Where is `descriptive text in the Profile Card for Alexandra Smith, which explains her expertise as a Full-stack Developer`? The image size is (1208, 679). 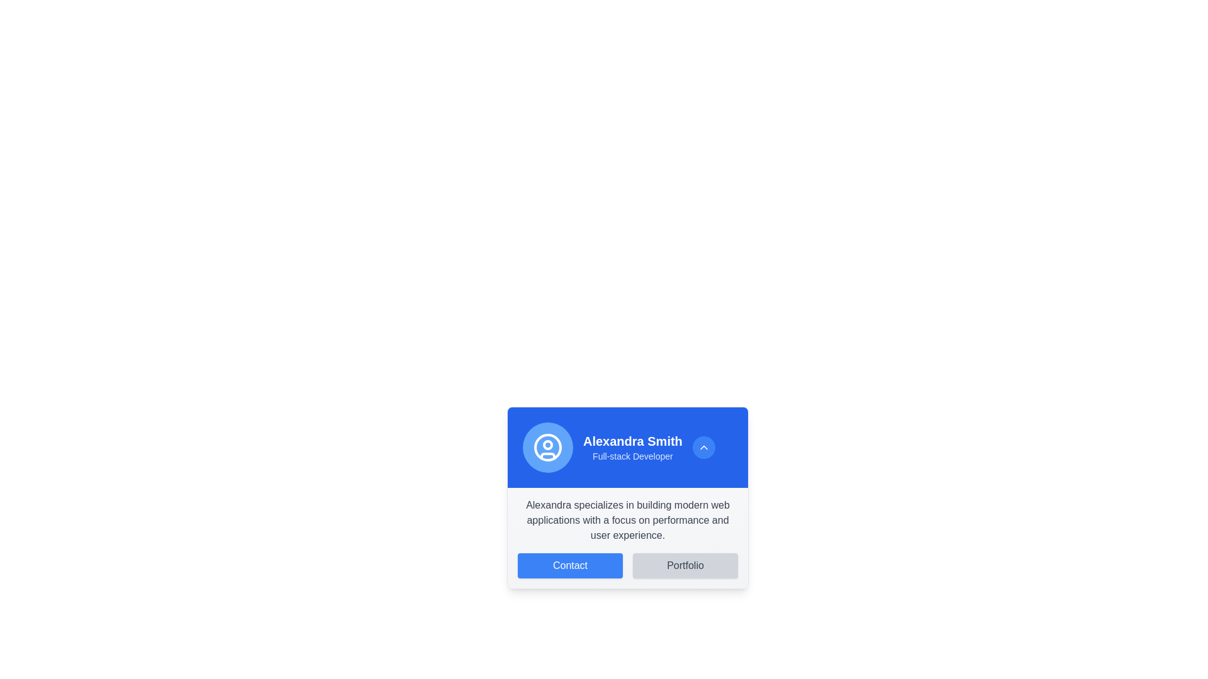 descriptive text in the Profile Card for Alexandra Smith, which explains her expertise as a Full-stack Developer is located at coordinates (628, 497).